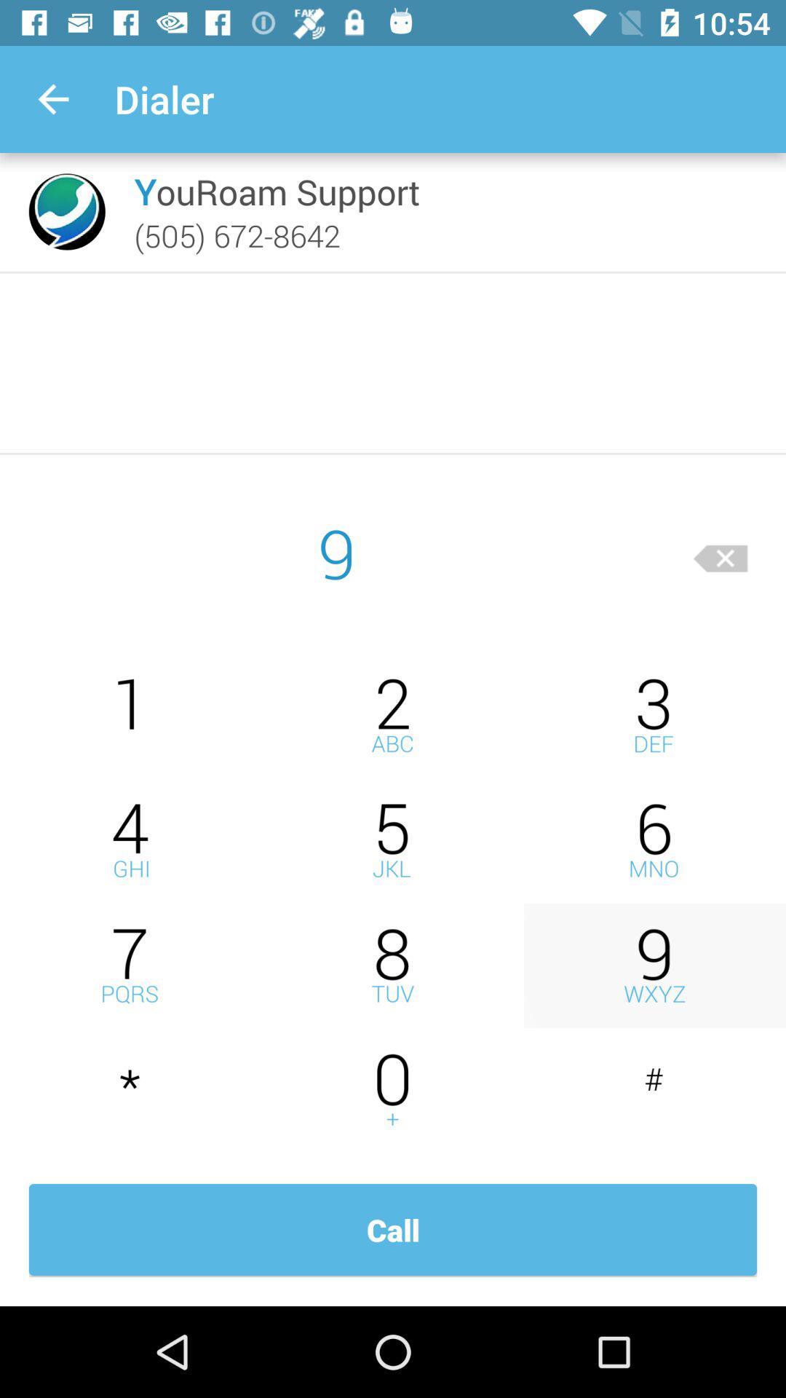  What do you see at coordinates (131, 1091) in the screenshot?
I see `key to enter star as a character` at bounding box center [131, 1091].